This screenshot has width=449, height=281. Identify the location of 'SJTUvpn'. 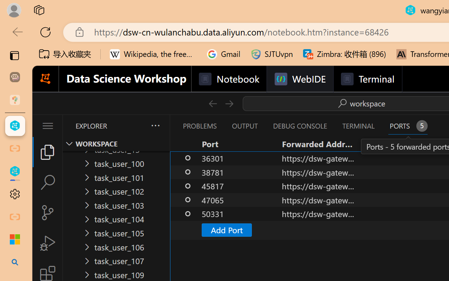
(271, 54).